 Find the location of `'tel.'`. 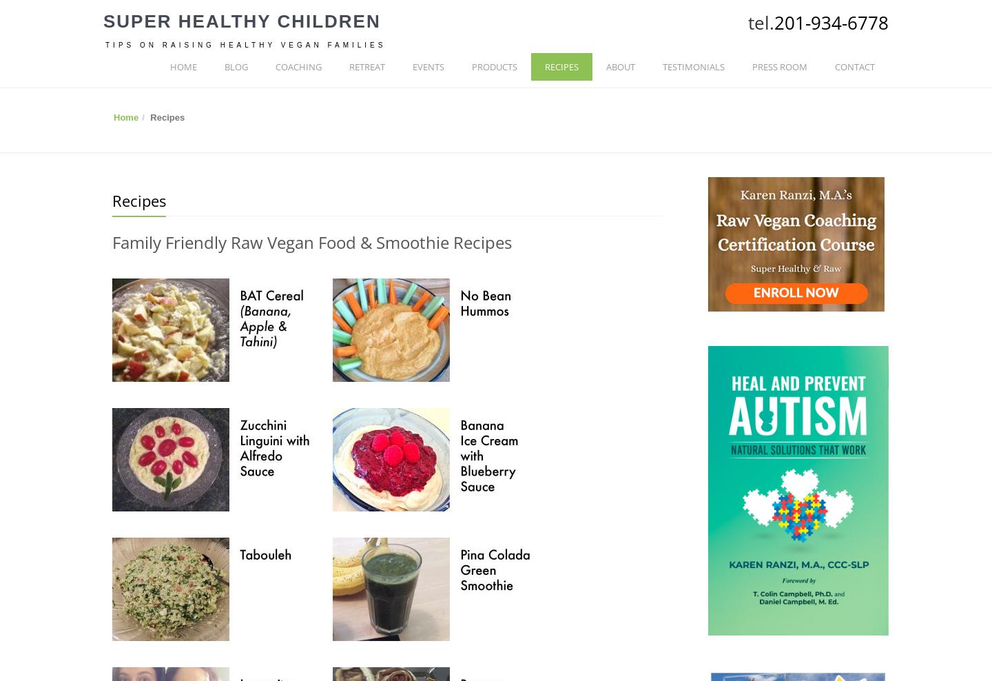

'tel.' is located at coordinates (761, 21).